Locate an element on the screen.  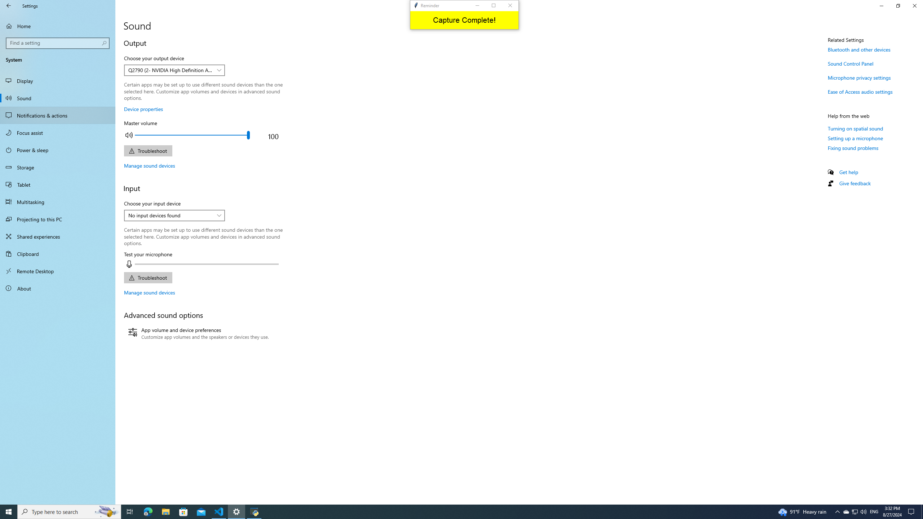
'Give feedback' is located at coordinates (854, 183).